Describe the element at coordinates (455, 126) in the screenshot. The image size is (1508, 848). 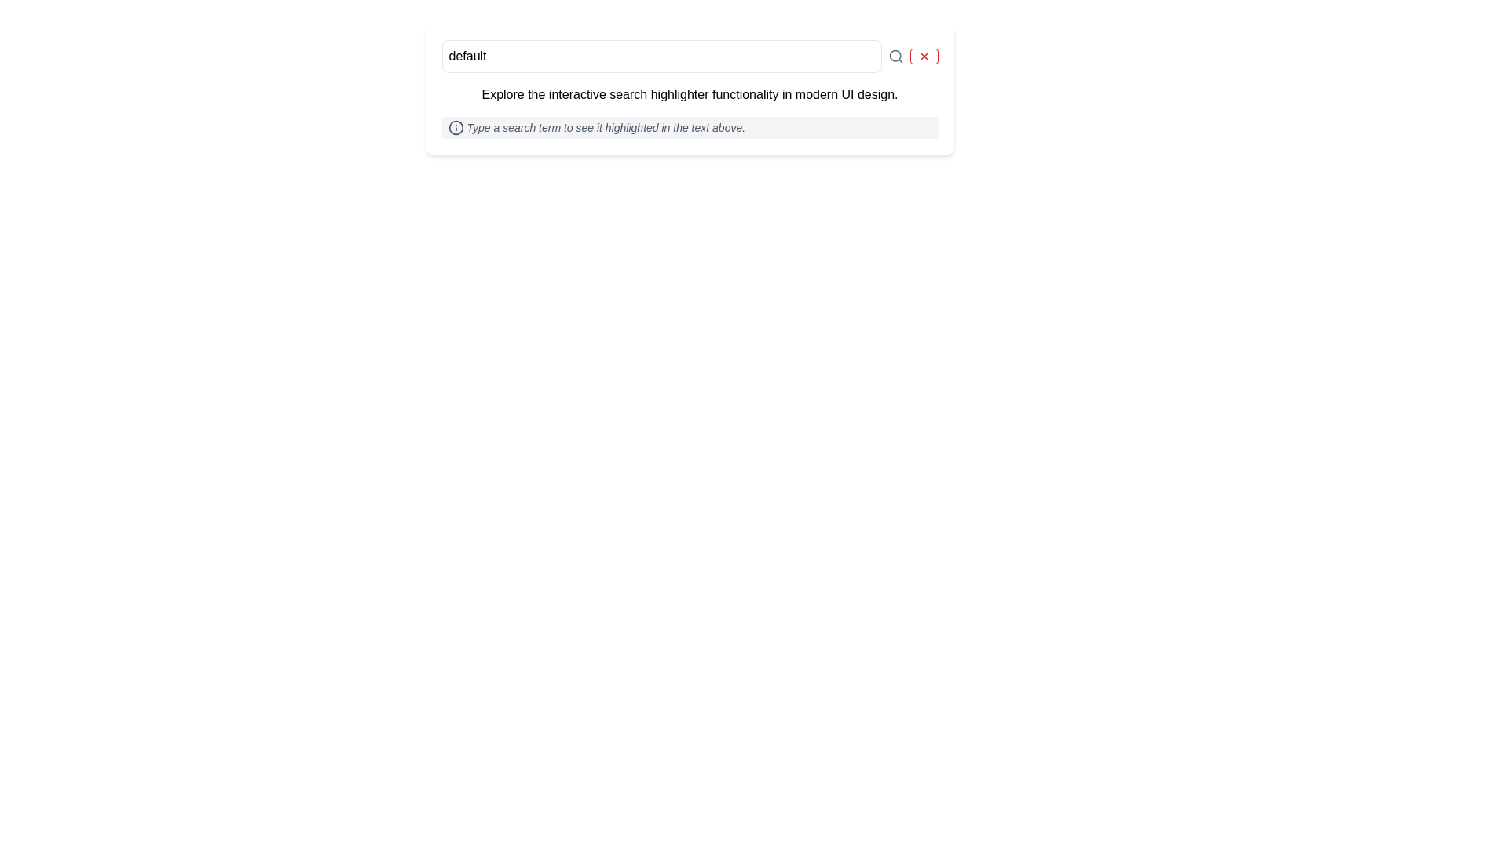
I see `the SVG circle element that serves as the base of an icon located to the left side of the search bar` at that location.